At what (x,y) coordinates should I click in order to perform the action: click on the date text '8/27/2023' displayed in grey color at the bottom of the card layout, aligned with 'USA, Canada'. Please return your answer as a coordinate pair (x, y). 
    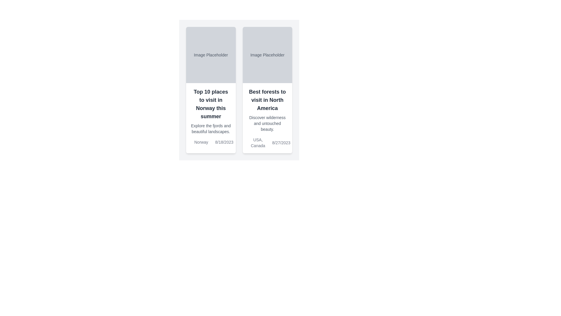
    Looking at the image, I should click on (281, 143).